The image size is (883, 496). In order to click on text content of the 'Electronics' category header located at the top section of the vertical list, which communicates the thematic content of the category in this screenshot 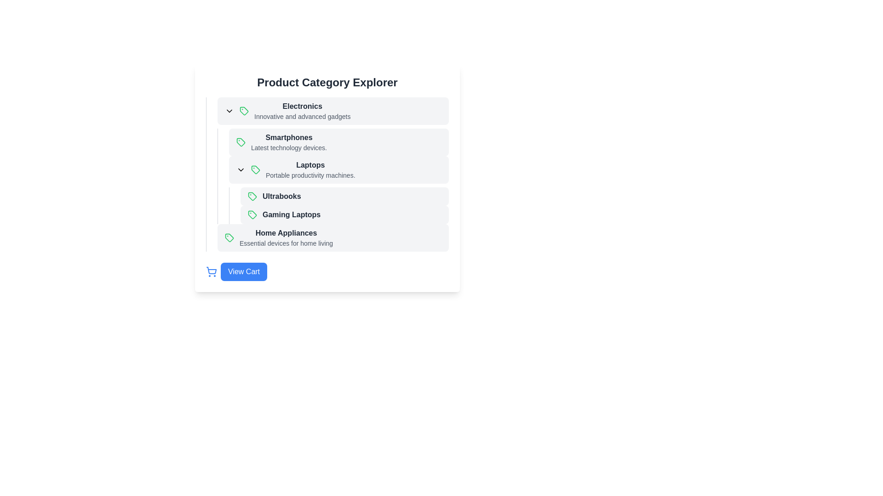, I will do `click(302, 106)`.